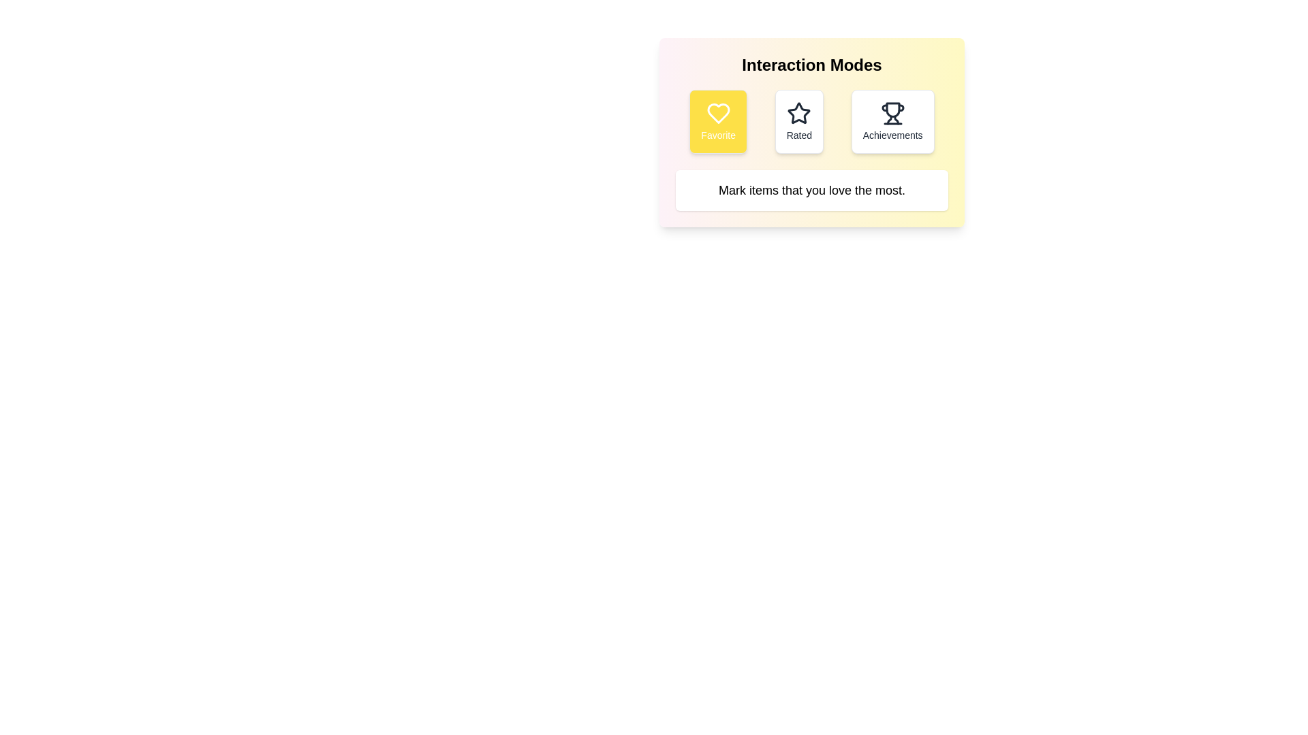 Image resolution: width=1308 pixels, height=735 pixels. I want to click on the Rated button to select the corresponding mode, so click(799, 120).